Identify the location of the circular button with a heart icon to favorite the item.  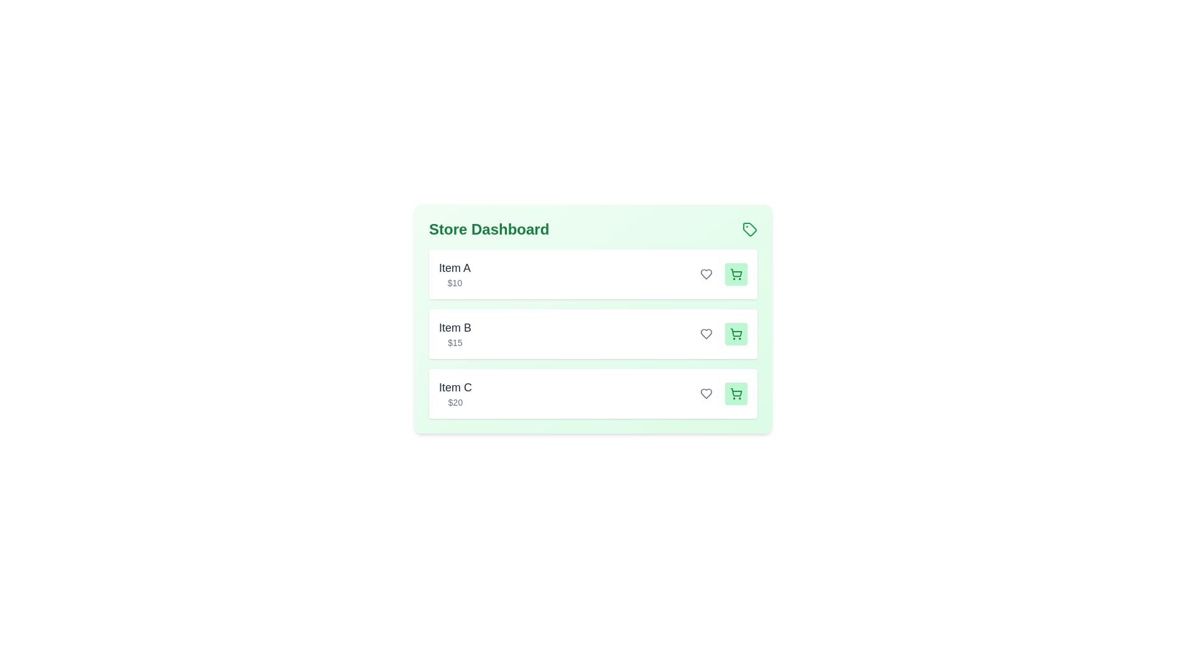
(706, 333).